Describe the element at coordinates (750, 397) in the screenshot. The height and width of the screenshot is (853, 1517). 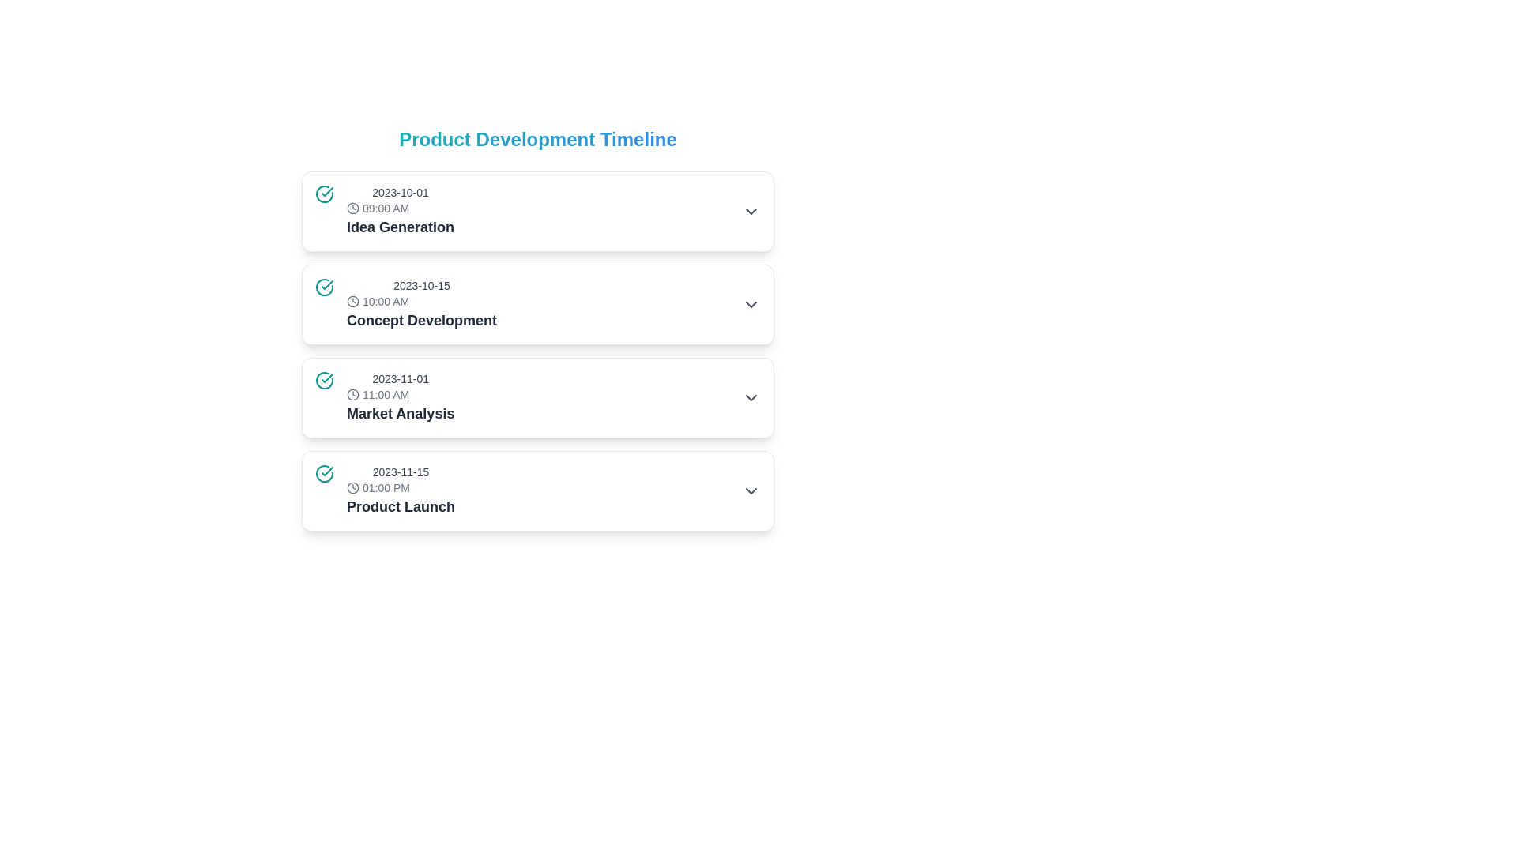
I see `the chevron icon-based toggle button located at the far-right edge of the row containing the text '2023-11-01 11:00 AM Market Analysis'` at that location.